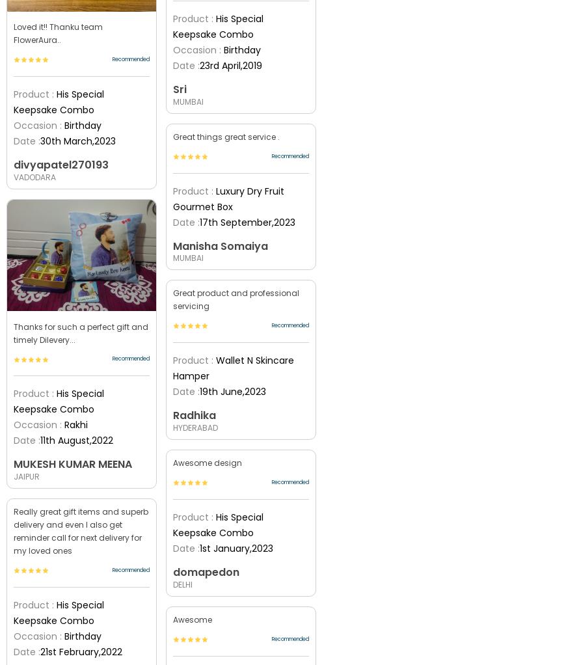 The image size is (579, 665). Describe the element at coordinates (62, 329) in the screenshot. I see `'Men Daily Essentials Combo'` at that location.